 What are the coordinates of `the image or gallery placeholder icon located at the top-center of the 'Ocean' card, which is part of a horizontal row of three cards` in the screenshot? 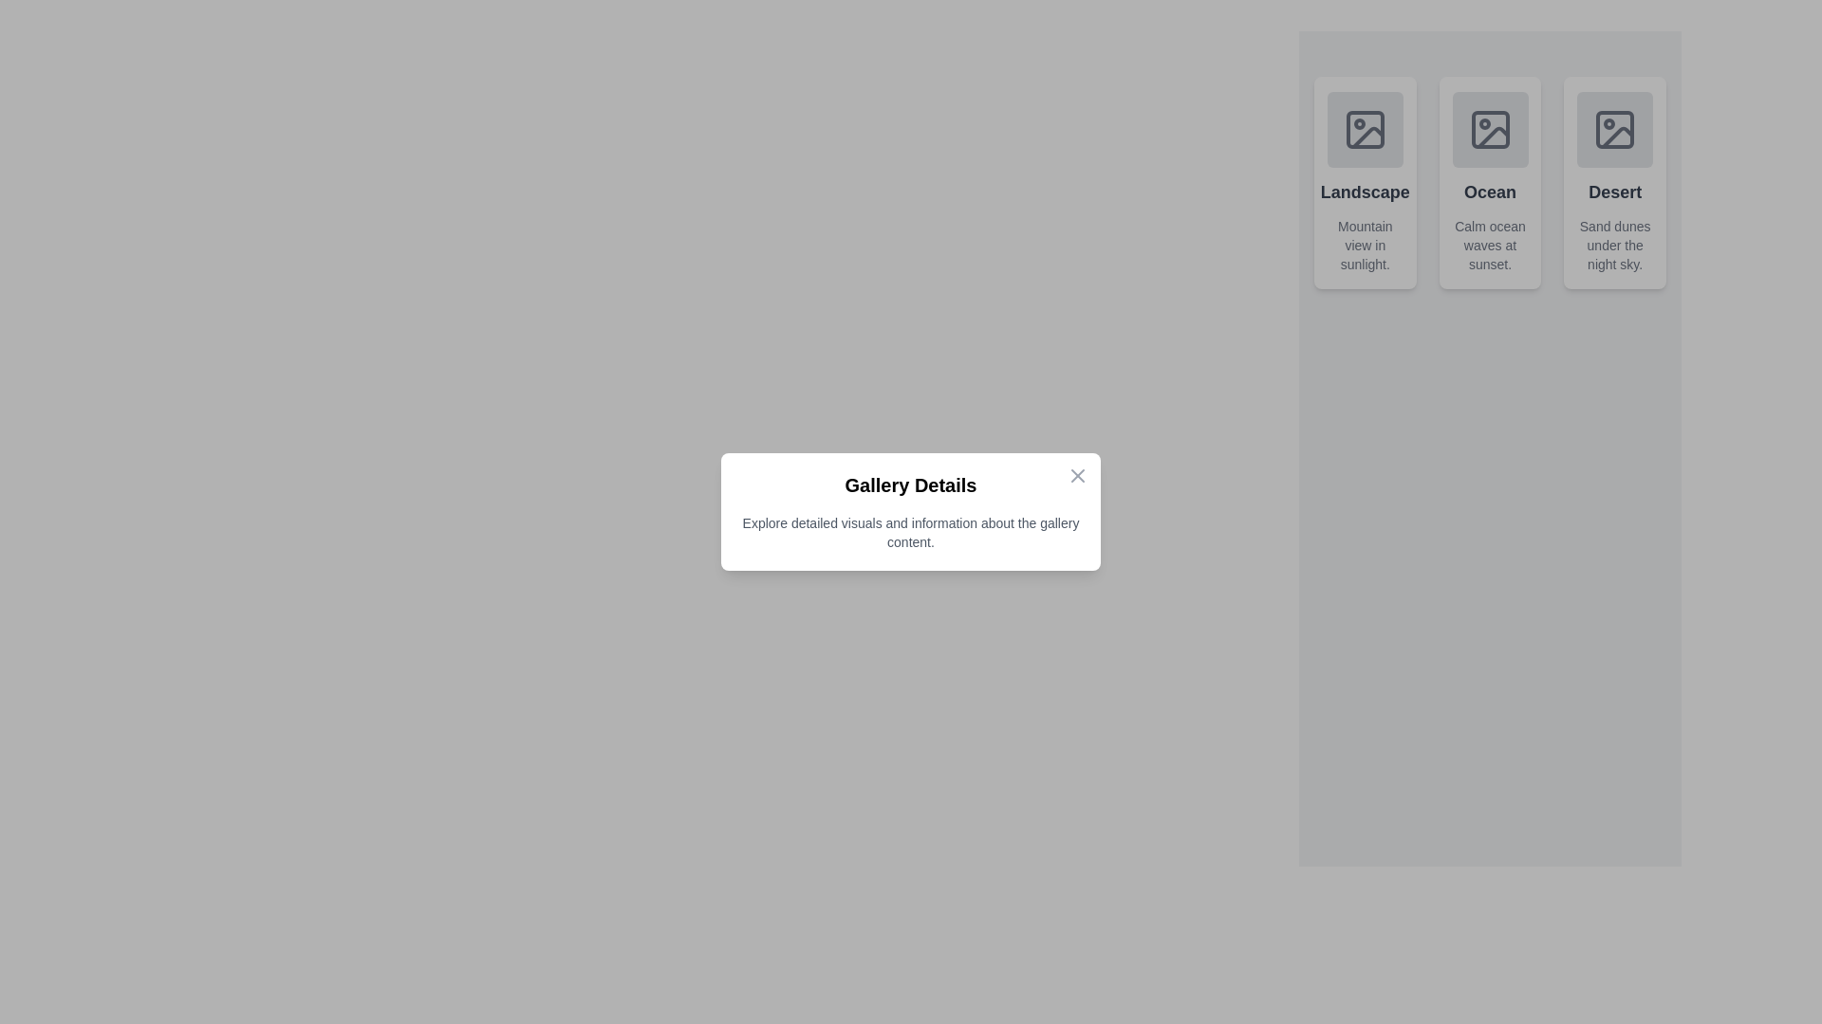 It's located at (1489, 129).